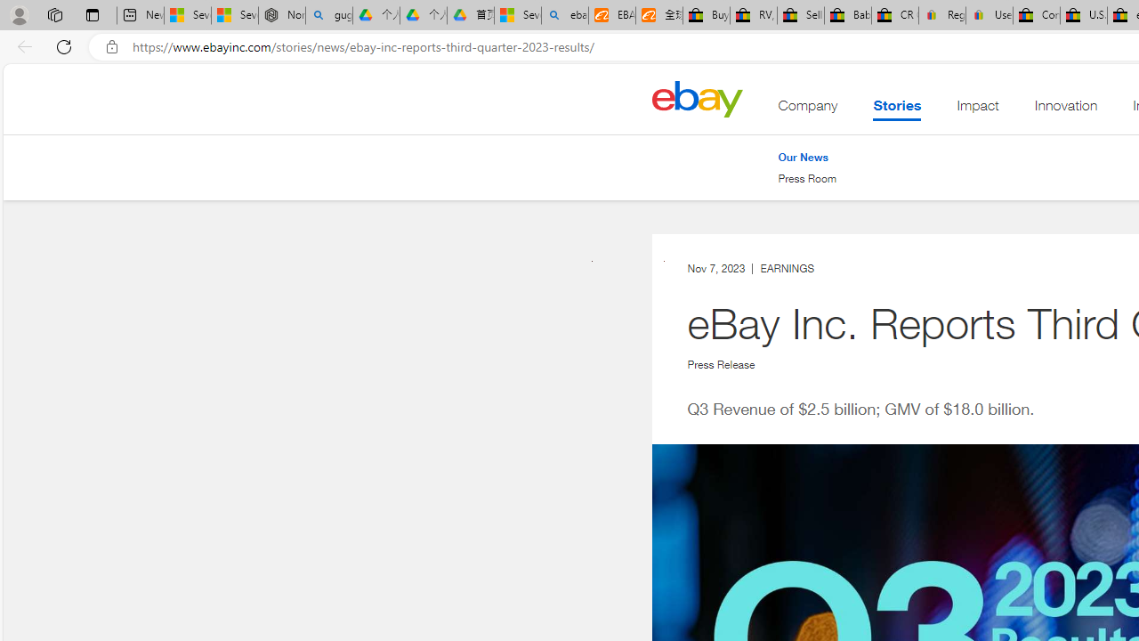 The height and width of the screenshot is (641, 1139). I want to click on 'Our News', so click(806, 157).